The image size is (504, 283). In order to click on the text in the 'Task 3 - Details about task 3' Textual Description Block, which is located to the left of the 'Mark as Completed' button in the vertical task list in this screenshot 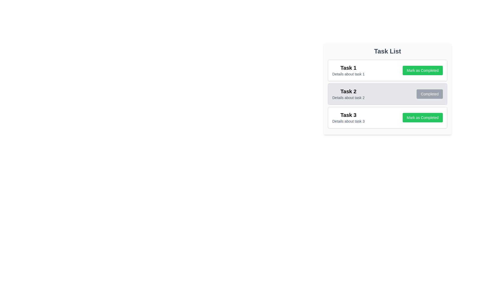, I will do `click(348, 117)`.